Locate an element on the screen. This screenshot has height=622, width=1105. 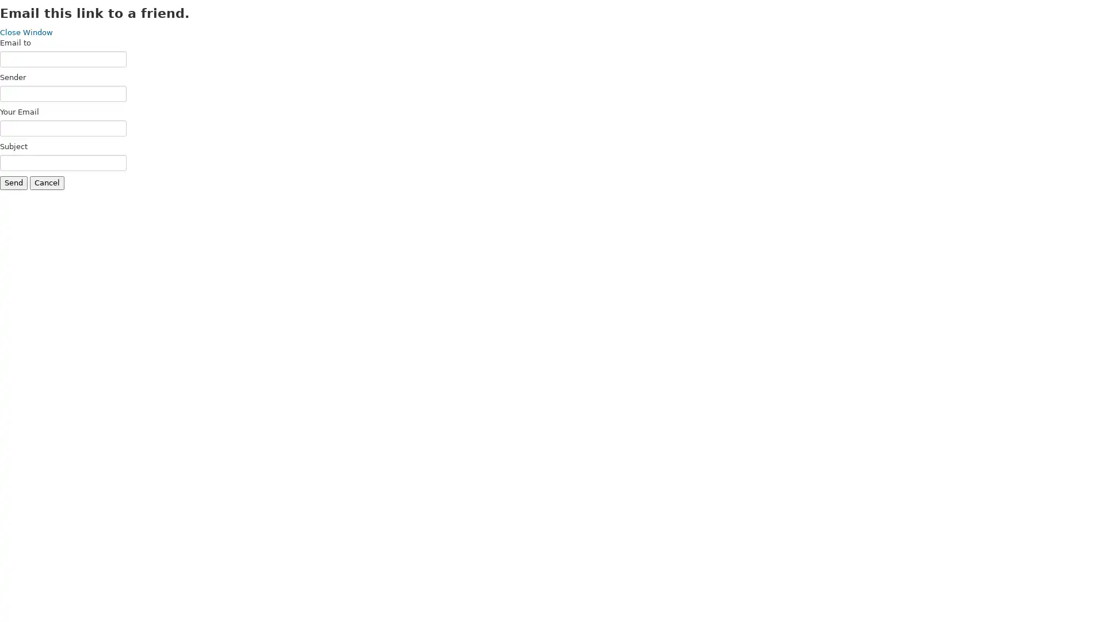
Cancel is located at coordinates (46, 182).